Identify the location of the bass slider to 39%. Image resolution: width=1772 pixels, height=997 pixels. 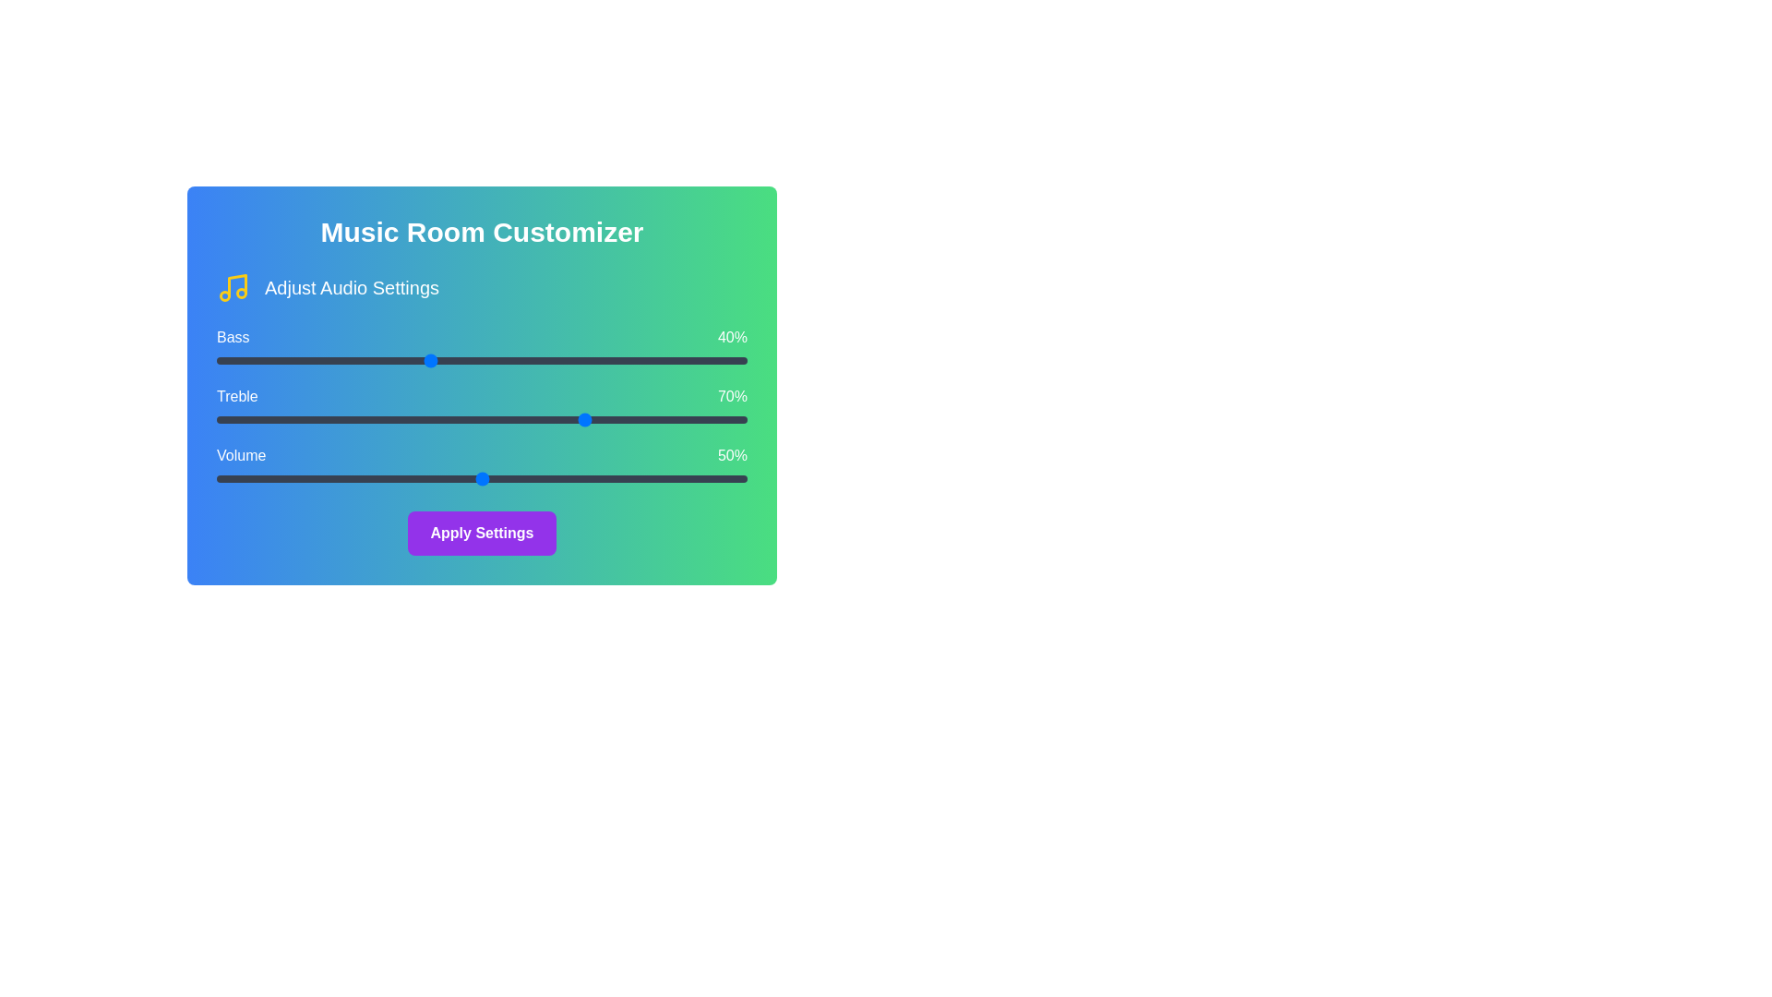
(423, 360).